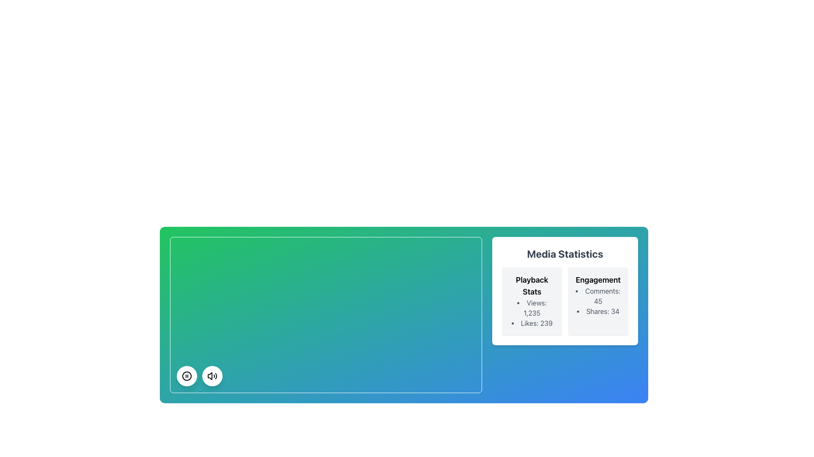  I want to click on the Text Label that serves as a heading for the engagement statistics section, located in the top-right quadrant under the 'Media Statistics' section, so click(598, 280).